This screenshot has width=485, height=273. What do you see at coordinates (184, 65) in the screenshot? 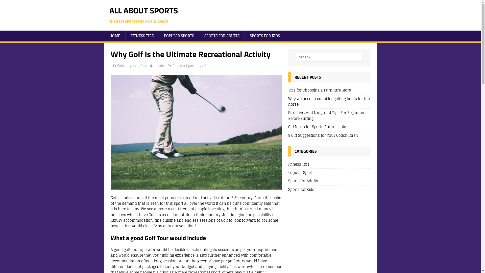
I see `'Popular Sports'` at bounding box center [184, 65].